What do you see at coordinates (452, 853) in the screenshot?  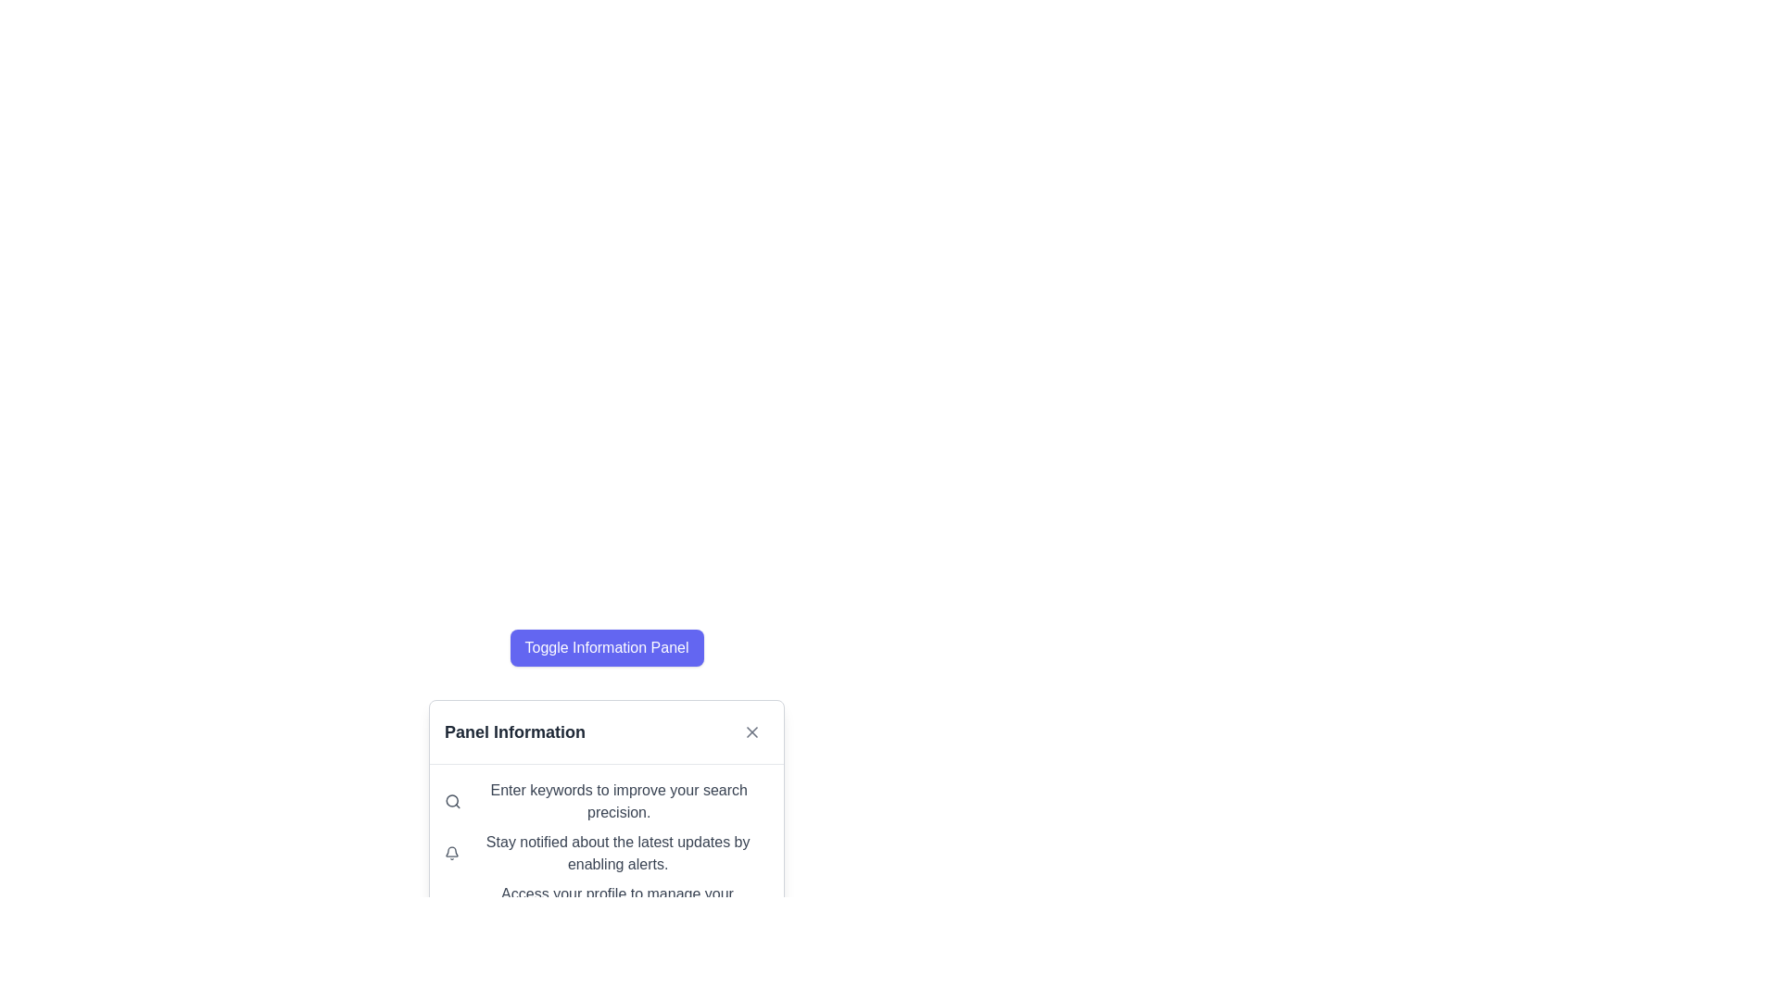 I see `the bell icon located on the left side of the text in the 'Stay notified about the latest updates by enabling alerts.' section` at bounding box center [452, 853].